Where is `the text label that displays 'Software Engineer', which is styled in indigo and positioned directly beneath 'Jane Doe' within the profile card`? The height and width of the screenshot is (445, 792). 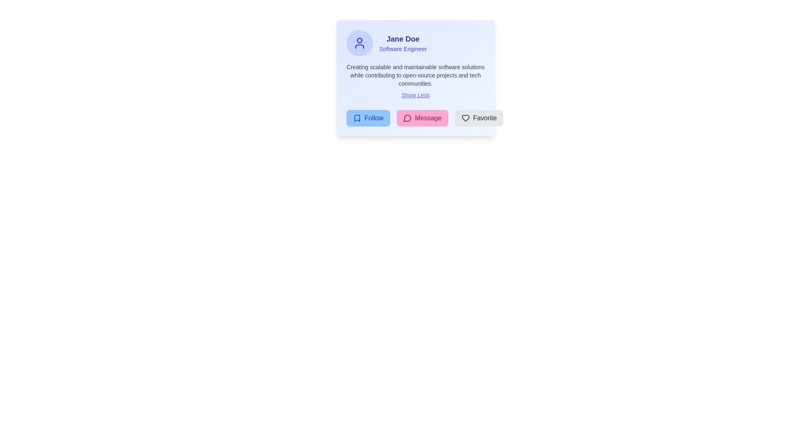 the text label that displays 'Software Engineer', which is styled in indigo and positioned directly beneath 'Jane Doe' within the profile card is located at coordinates (403, 49).